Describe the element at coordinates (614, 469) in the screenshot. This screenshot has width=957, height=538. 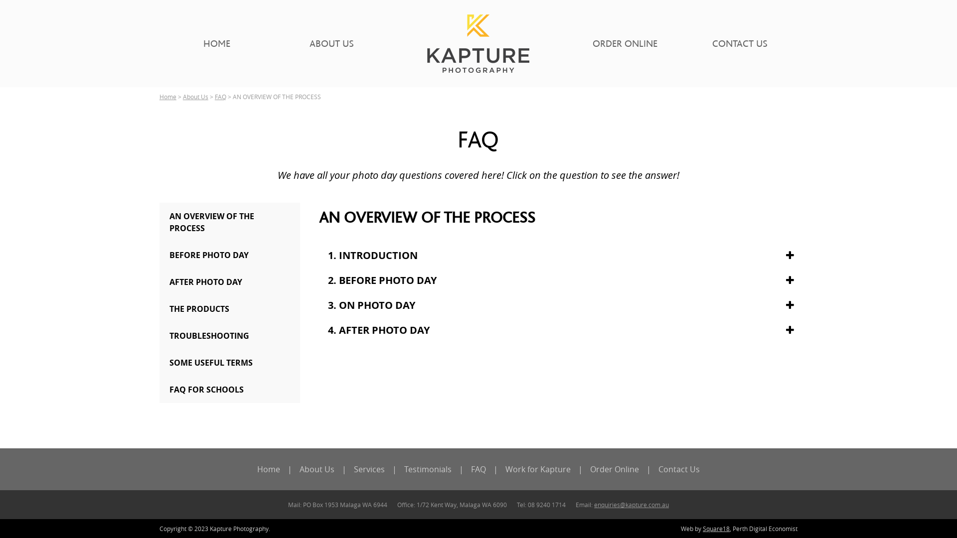
I see `'Order Online'` at that location.